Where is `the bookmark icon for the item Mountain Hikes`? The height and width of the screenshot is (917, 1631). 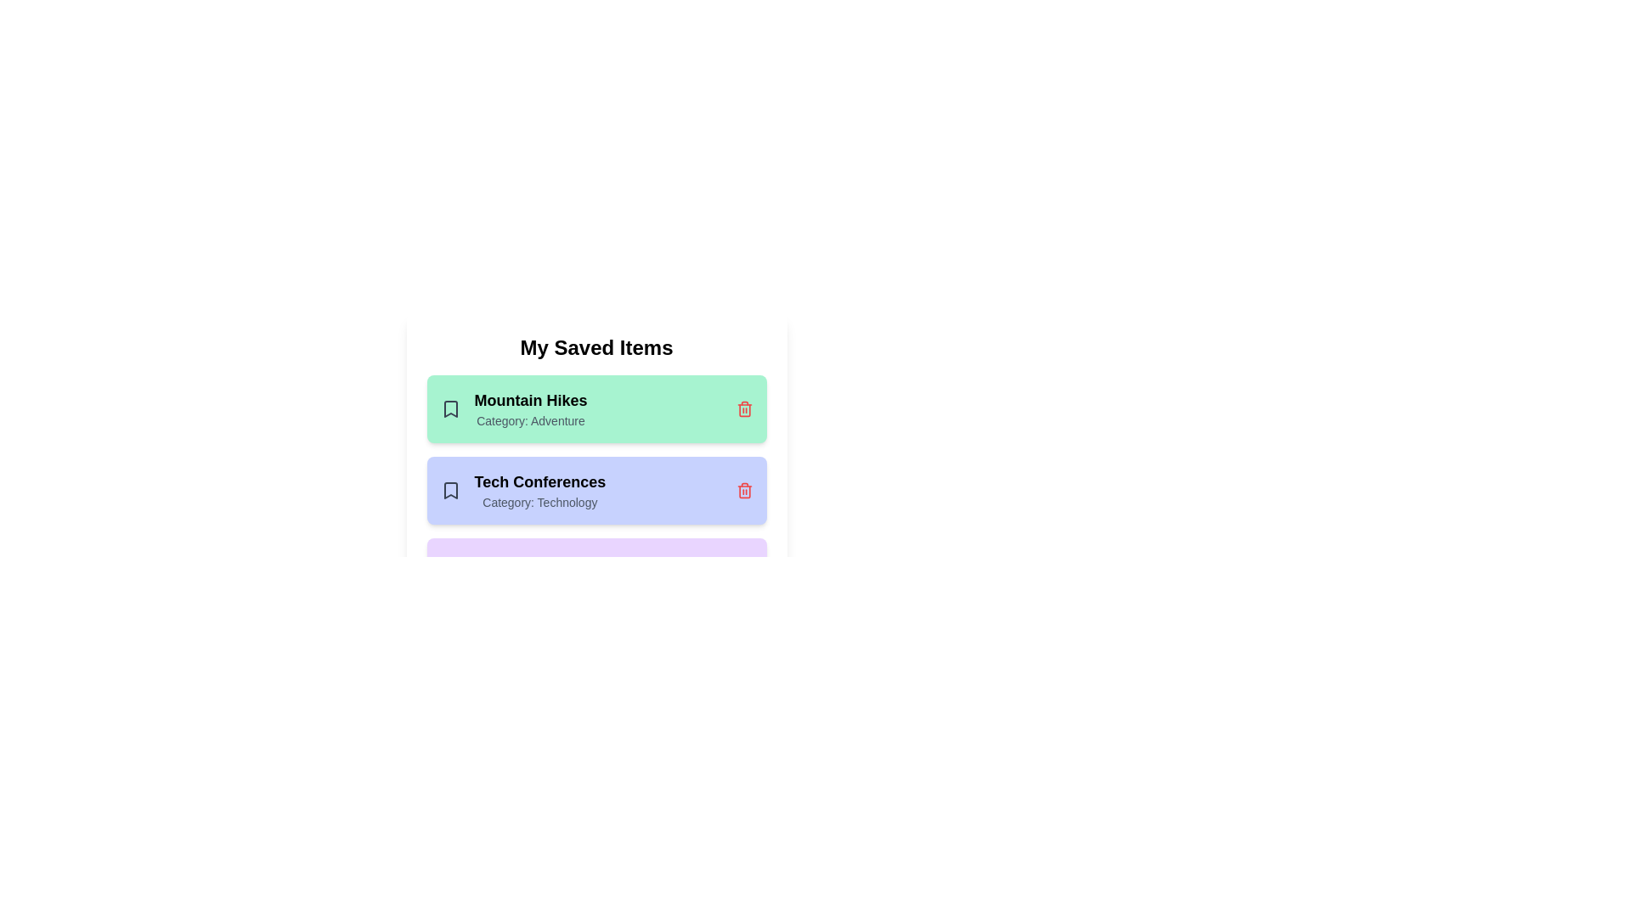
the bookmark icon for the item Mountain Hikes is located at coordinates (450, 409).